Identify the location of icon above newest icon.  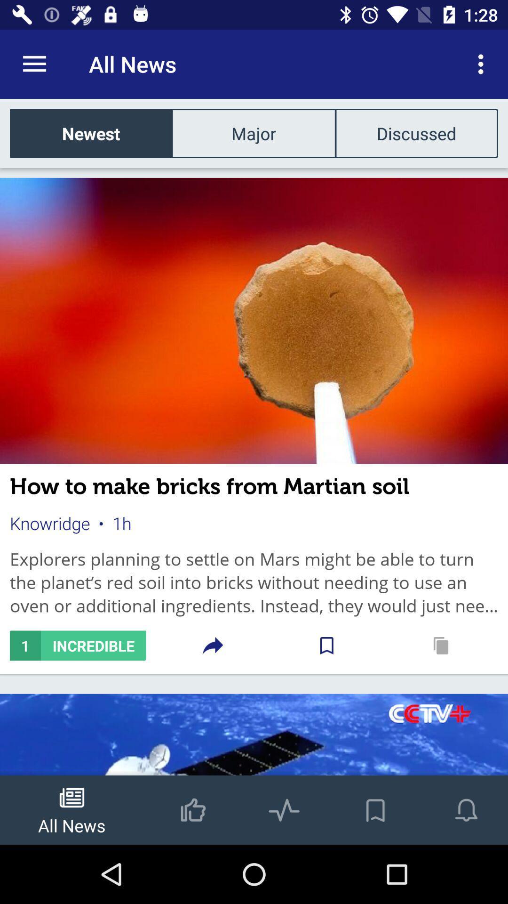
(34, 64).